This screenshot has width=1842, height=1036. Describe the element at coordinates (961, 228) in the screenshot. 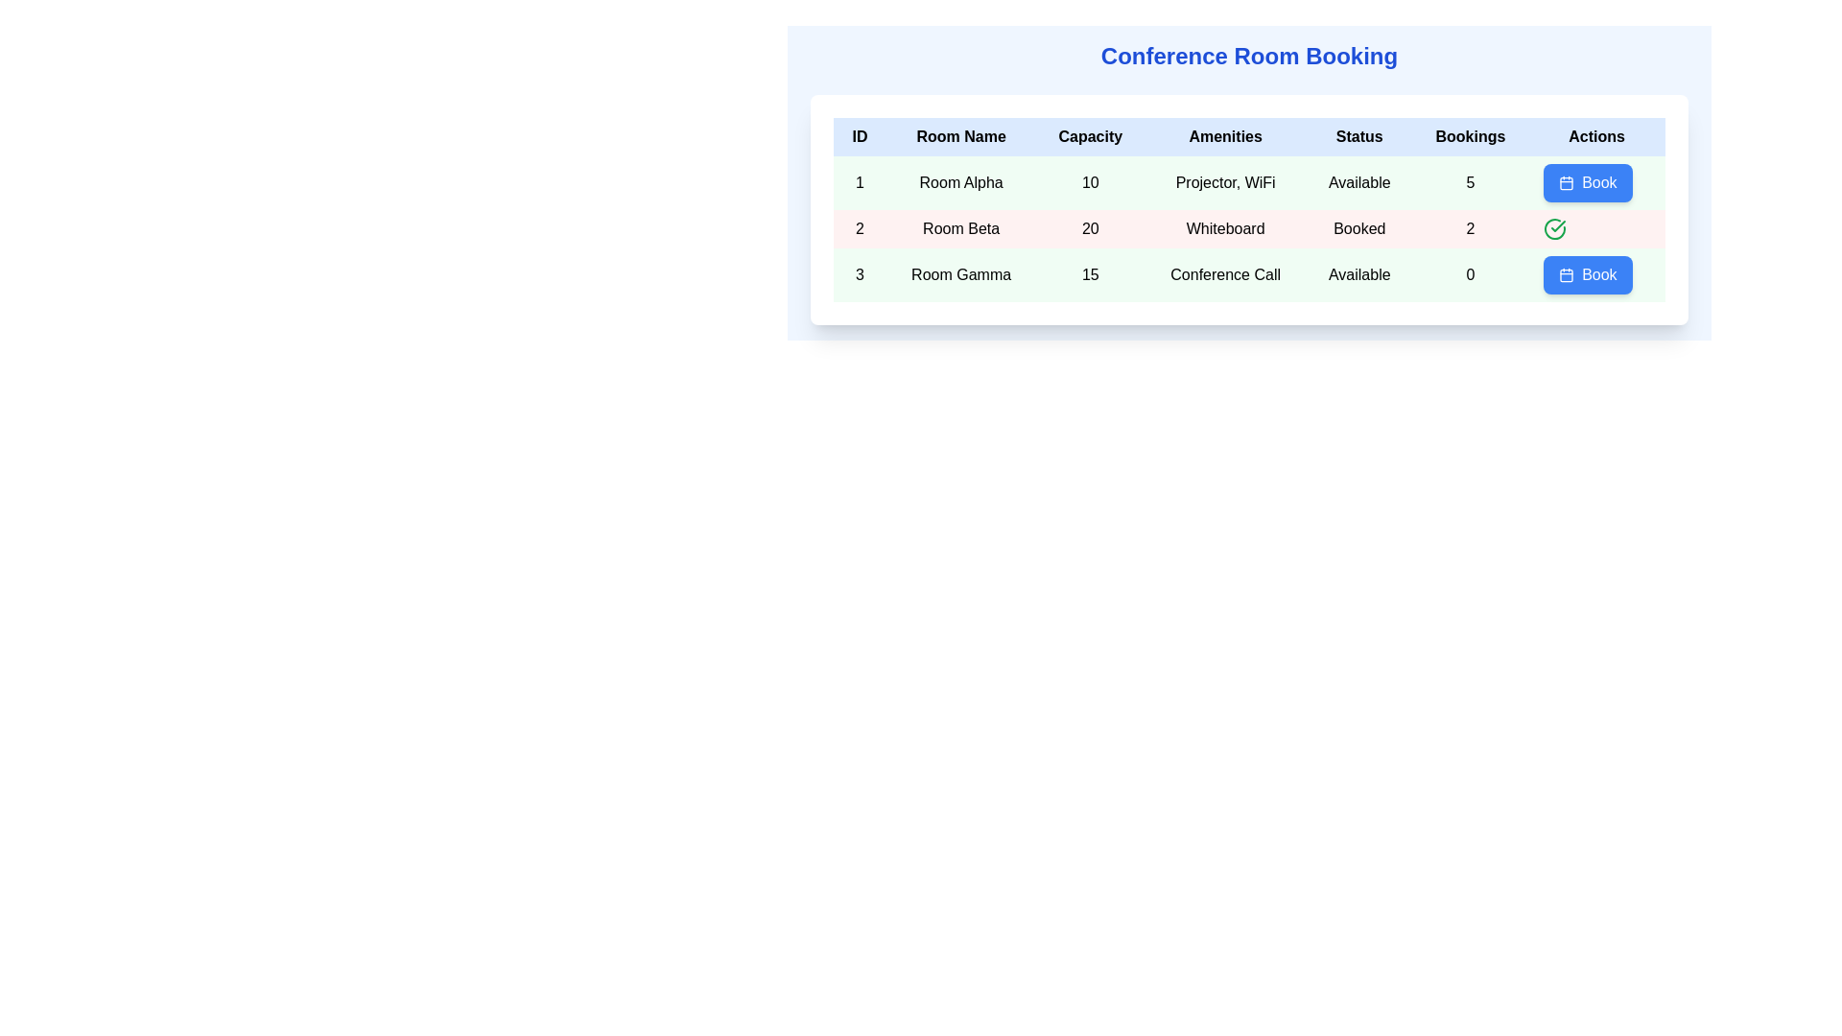

I see `the text label that reads 'Room Beta', which is centrally aligned in the second row of the table under the 'Room Name' column with a light red background` at that location.